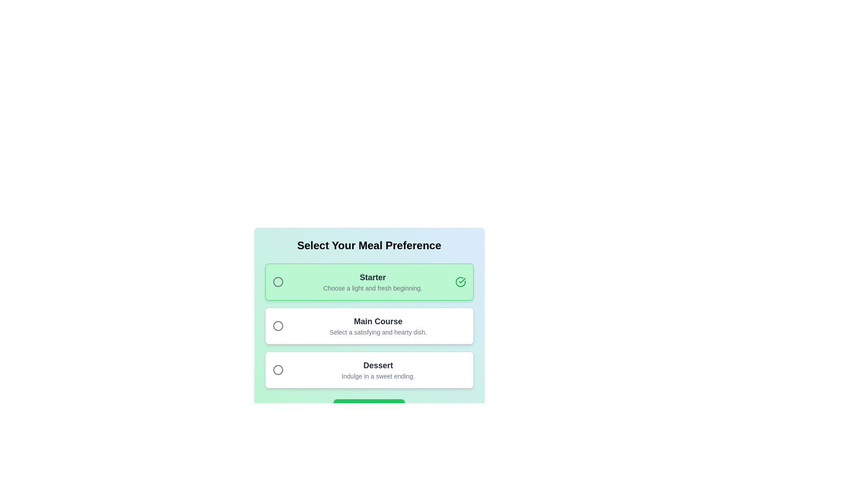 This screenshot has height=485, width=863. Describe the element at coordinates (369, 309) in the screenshot. I see `the 'Main Course' selection card in the meal preference interface` at that location.